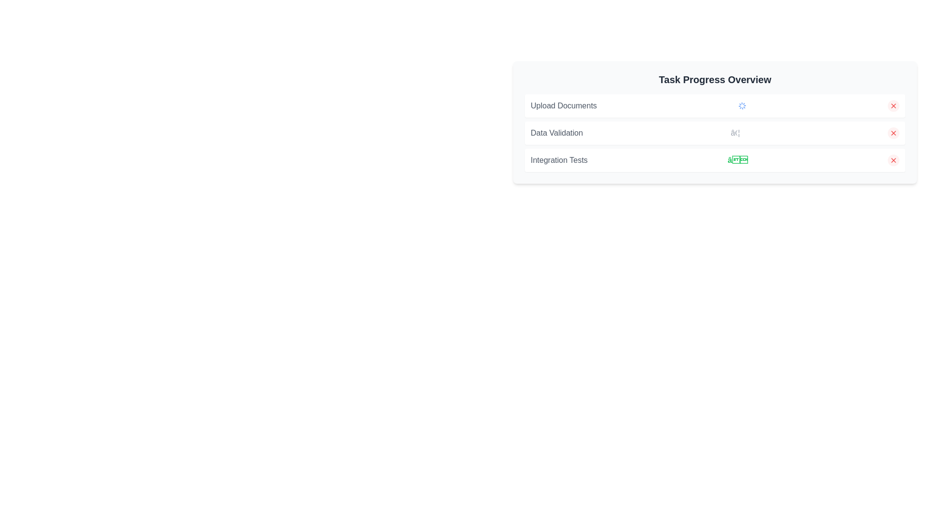  What do you see at coordinates (894, 106) in the screenshot?
I see `the close button located at the far-right of the 'Upload Documents' section in the 'Task Progress Overview'` at bounding box center [894, 106].